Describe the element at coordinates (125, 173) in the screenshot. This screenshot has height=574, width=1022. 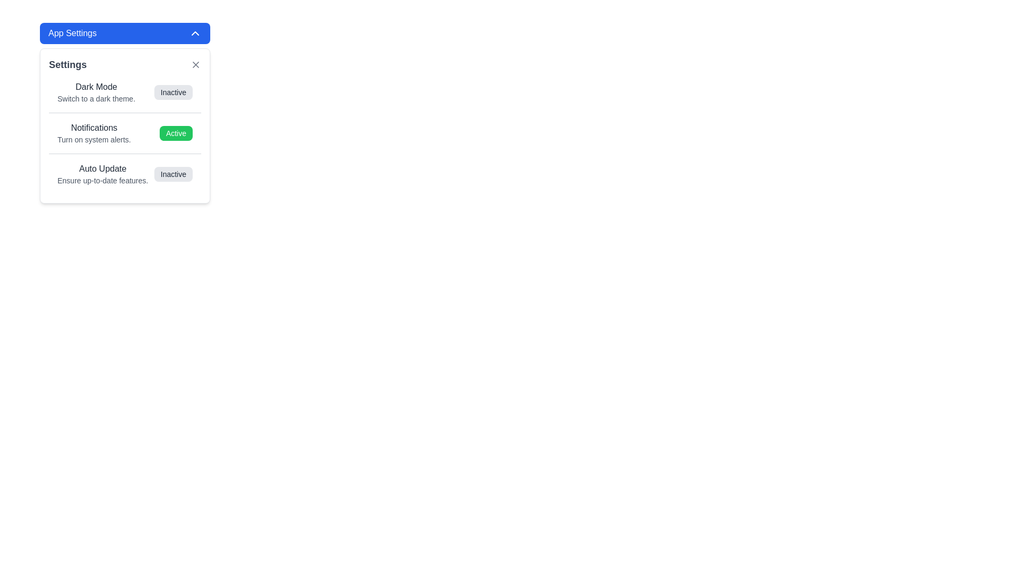
I see `the 'Inactive' button in the settings menu` at that location.